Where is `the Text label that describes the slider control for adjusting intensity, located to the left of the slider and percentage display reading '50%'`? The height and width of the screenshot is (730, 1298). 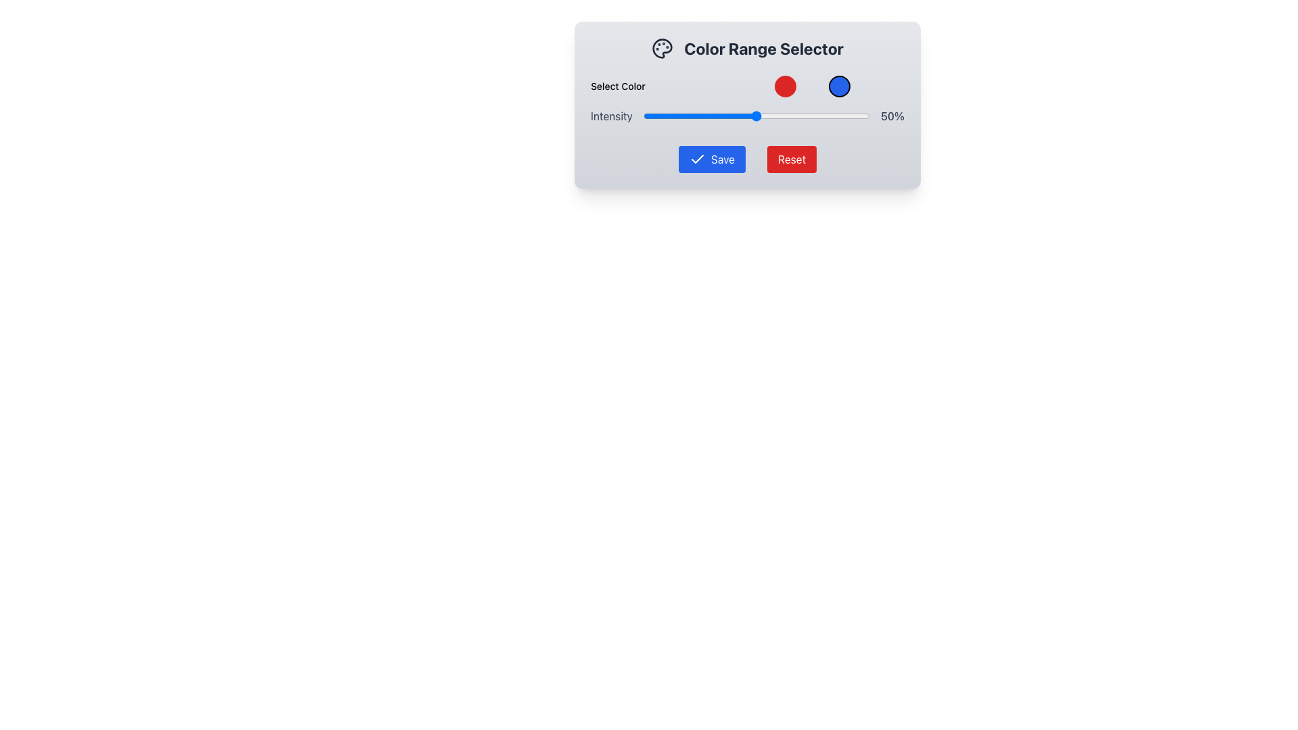
the Text label that describes the slider control for adjusting intensity, located to the left of the slider and percentage display reading '50%' is located at coordinates (610, 116).